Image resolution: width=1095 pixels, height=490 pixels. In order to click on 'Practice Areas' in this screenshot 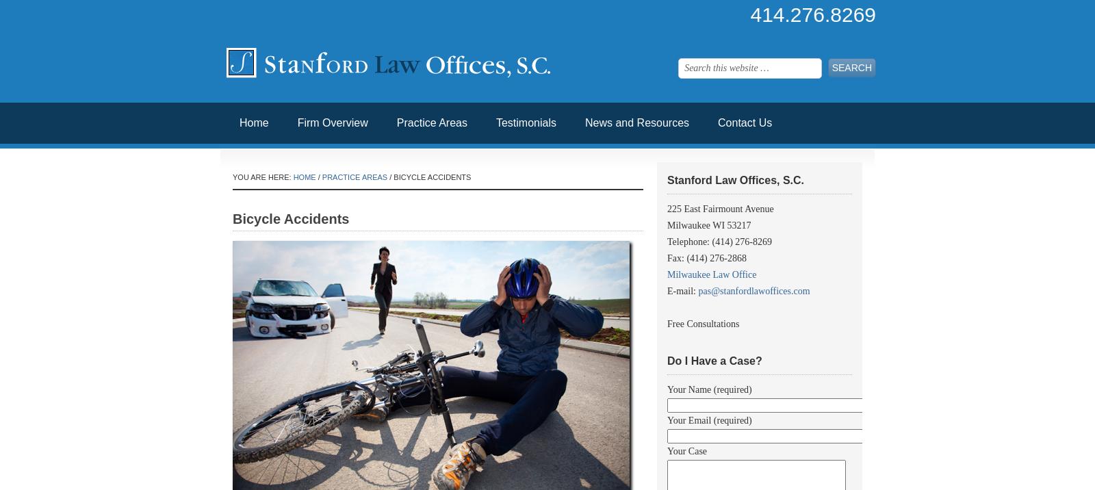, I will do `click(353, 177)`.